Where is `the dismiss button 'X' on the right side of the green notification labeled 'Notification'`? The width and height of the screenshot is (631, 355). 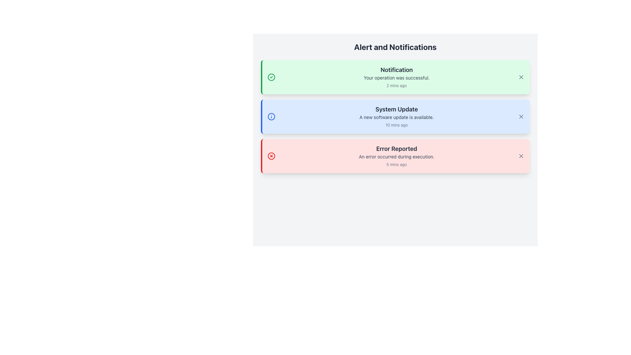
the dismiss button 'X' on the right side of the green notification labeled 'Notification' is located at coordinates (521, 77).